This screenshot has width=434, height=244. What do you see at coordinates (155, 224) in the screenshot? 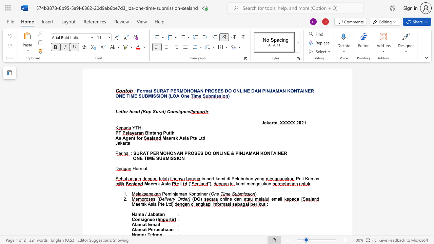
I see `the subset text "ai" within the text "Alamat Email"` at bounding box center [155, 224].